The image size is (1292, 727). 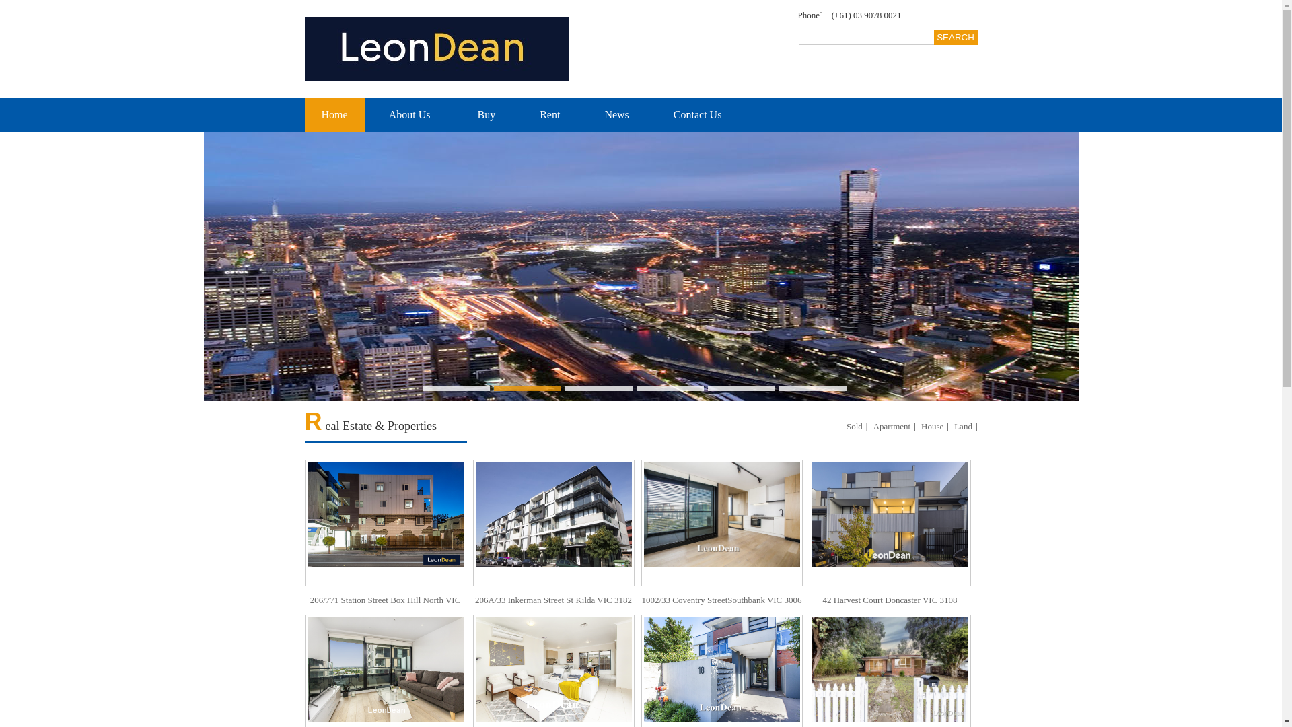 I want to click on '1002/33 Coventry StreetSouthbank VIC 3006', so click(x=720, y=536).